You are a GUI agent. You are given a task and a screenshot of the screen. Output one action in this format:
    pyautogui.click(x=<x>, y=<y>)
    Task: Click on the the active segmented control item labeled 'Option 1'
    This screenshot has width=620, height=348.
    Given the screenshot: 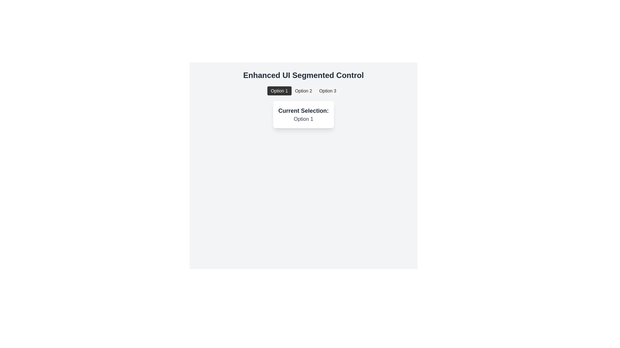 What is the action you would take?
    pyautogui.click(x=279, y=91)
    